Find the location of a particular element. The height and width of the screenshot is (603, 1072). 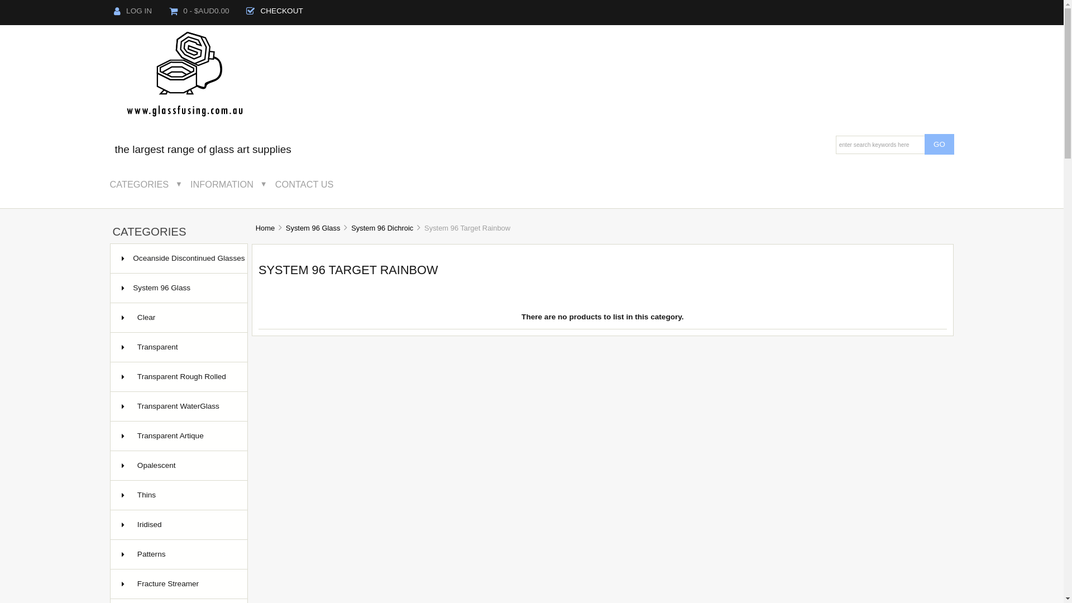

'  Thins is located at coordinates (110, 495).